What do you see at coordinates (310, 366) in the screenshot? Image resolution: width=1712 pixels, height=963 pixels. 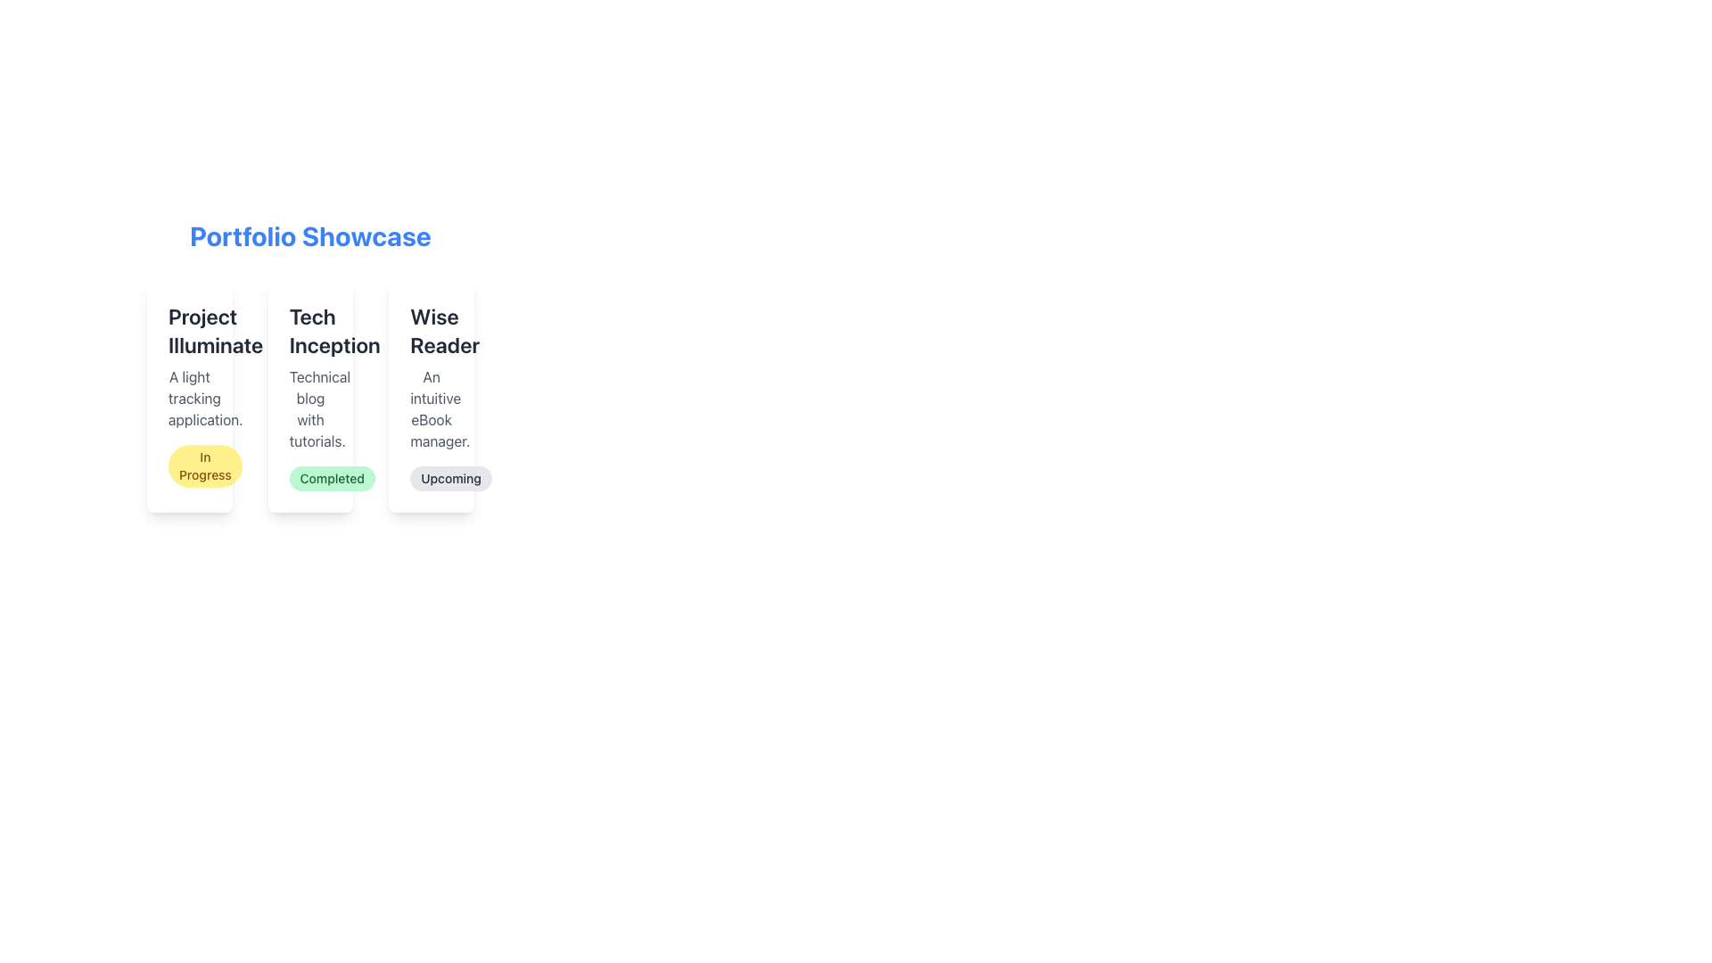 I see `the project summary card located centrally in a grid between 'Project Illuminate' and 'Wise Reader'` at bounding box center [310, 366].